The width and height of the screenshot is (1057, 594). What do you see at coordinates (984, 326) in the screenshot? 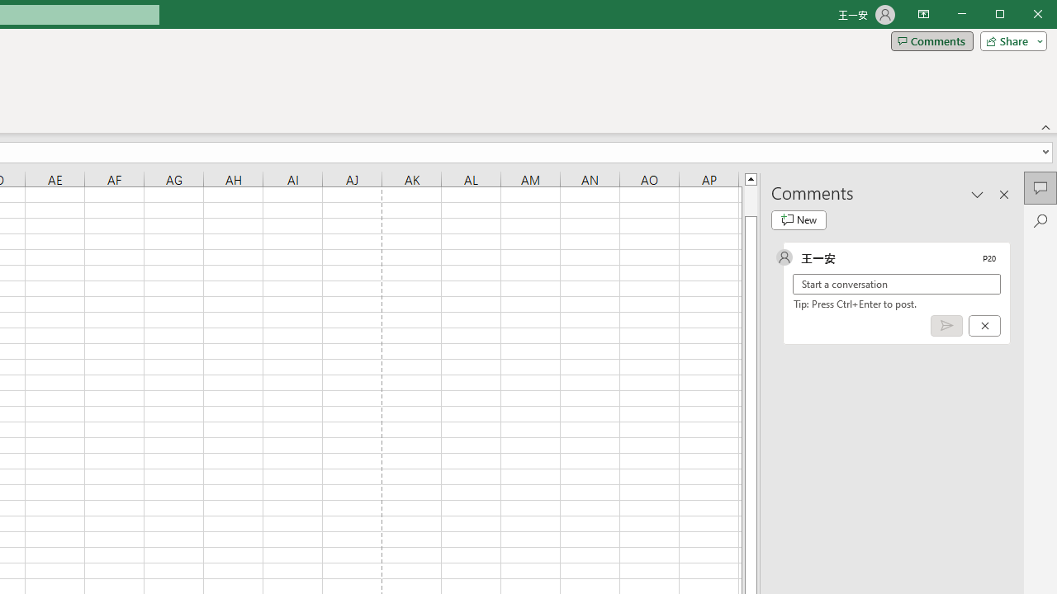
I see `'Cancel'` at bounding box center [984, 326].